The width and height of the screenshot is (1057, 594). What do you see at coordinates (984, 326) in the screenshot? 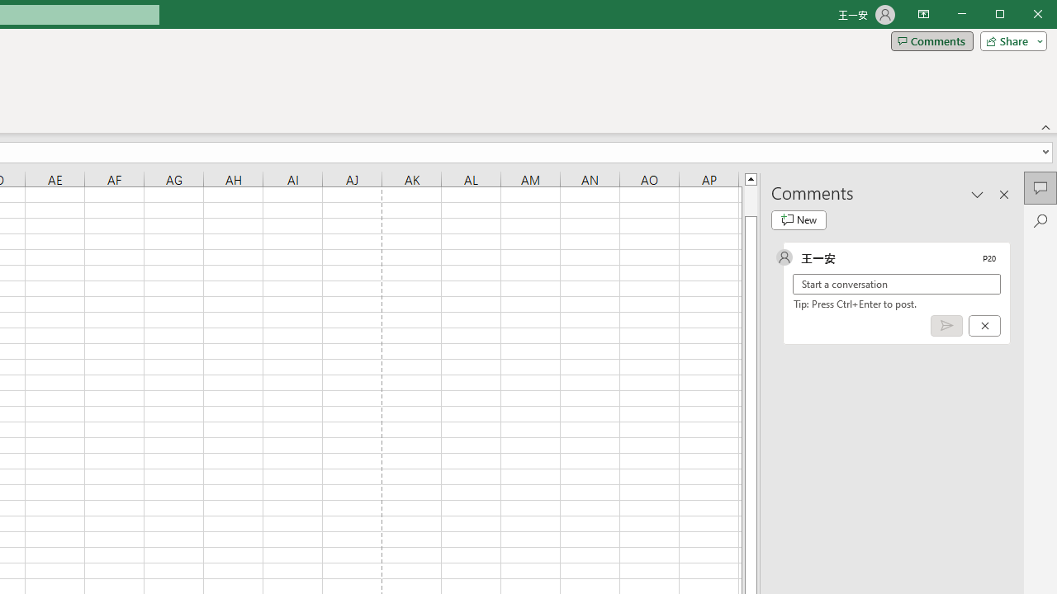
I see `'Cancel'` at bounding box center [984, 326].